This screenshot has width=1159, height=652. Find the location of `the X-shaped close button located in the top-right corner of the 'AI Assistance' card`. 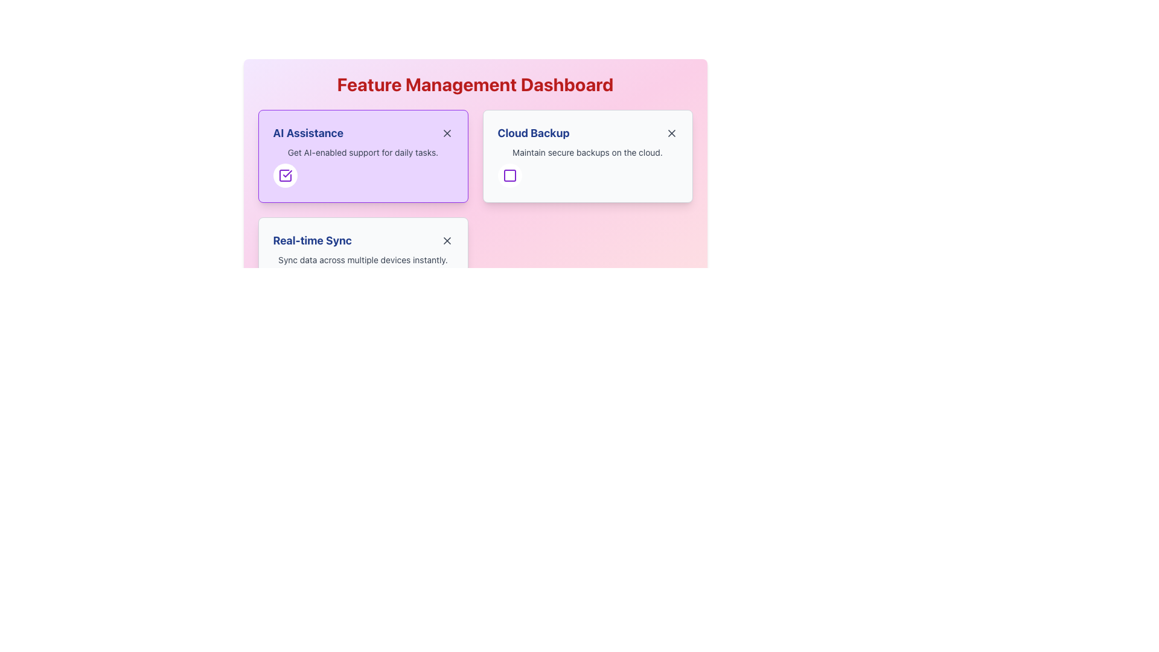

the X-shaped close button located in the top-right corner of the 'AI Assistance' card is located at coordinates (446, 133).